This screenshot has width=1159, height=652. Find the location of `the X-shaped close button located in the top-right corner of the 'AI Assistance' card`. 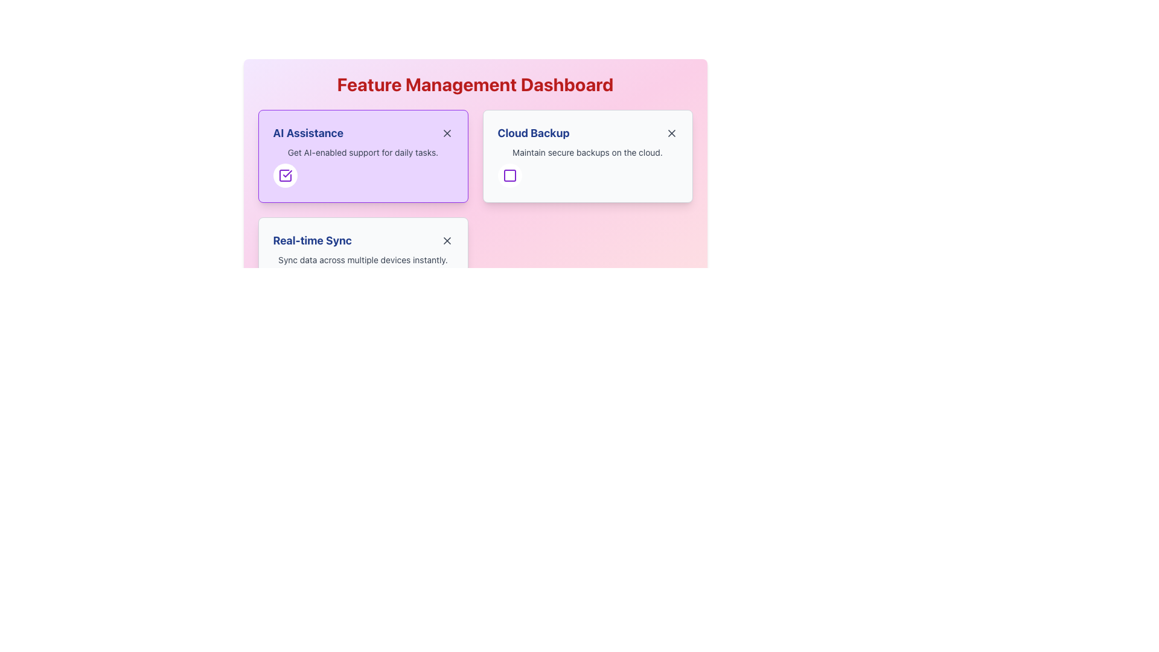

the X-shaped close button located in the top-right corner of the 'AI Assistance' card is located at coordinates (446, 133).